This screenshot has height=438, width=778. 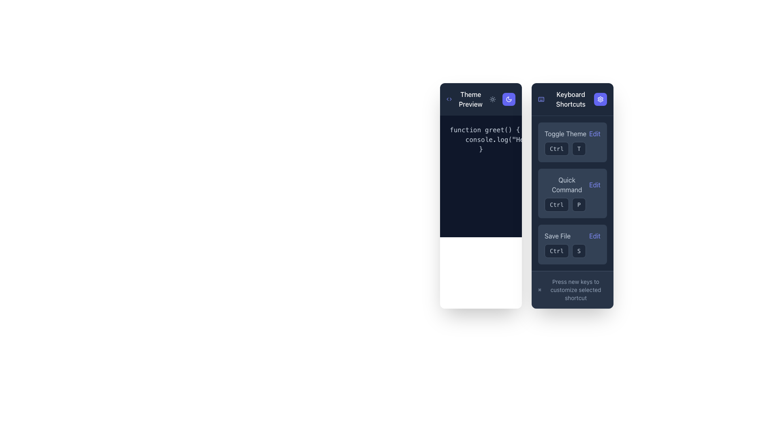 What do you see at coordinates (595, 236) in the screenshot?
I see `the 'Edit' interactive text label located to the right of the 'Save File' text label in the lower half of the right column` at bounding box center [595, 236].